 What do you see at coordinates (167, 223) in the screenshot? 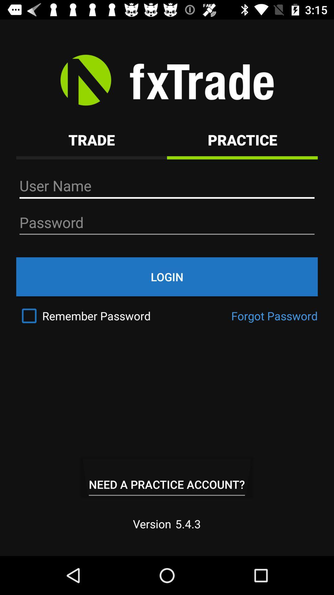
I see `the text box which says password` at bounding box center [167, 223].